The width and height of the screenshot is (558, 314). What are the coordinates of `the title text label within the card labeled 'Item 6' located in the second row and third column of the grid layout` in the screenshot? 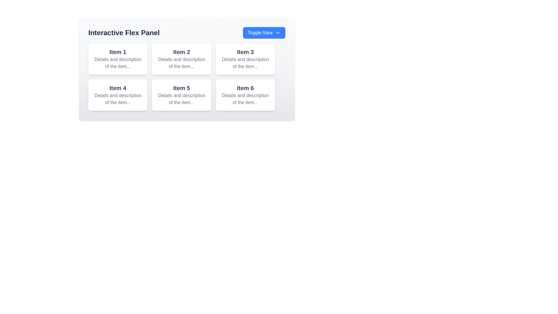 It's located at (245, 88).